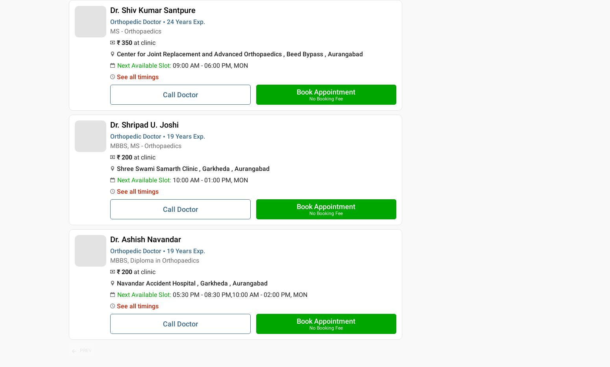 Image resolution: width=610 pixels, height=367 pixels. I want to click on '10:00 AM - 01:00 PM, MON', so click(210, 180).